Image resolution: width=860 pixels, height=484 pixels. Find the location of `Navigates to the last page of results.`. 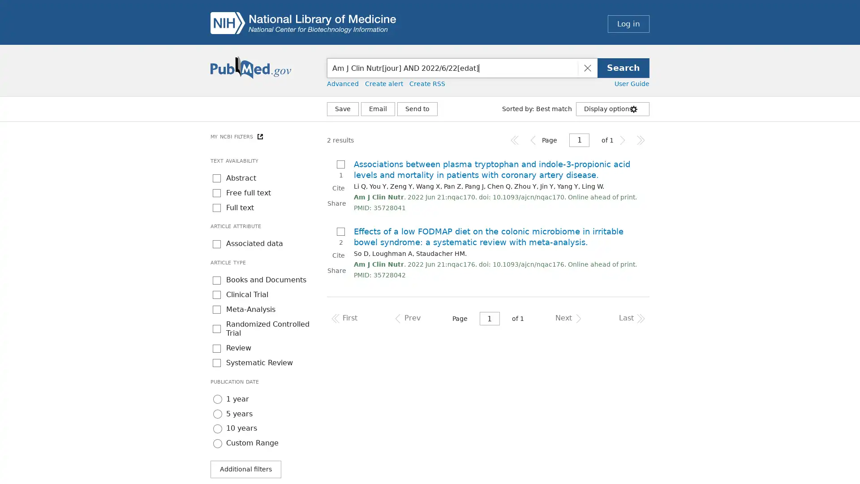

Navigates to the last page of results. is located at coordinates (630, 318).